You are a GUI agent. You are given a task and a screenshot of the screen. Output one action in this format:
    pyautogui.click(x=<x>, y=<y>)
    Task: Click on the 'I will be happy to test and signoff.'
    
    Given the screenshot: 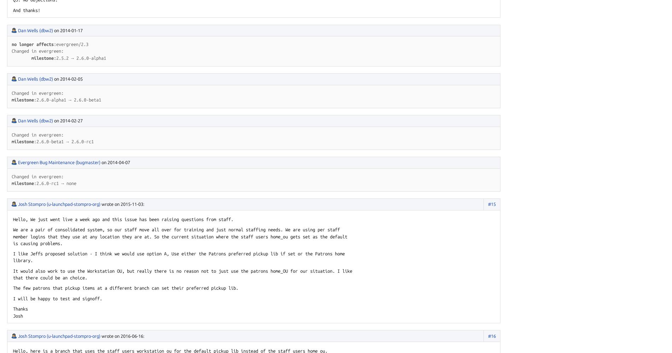 What is the action you would take?
    pyautogui.click(x=58, y=298)
    